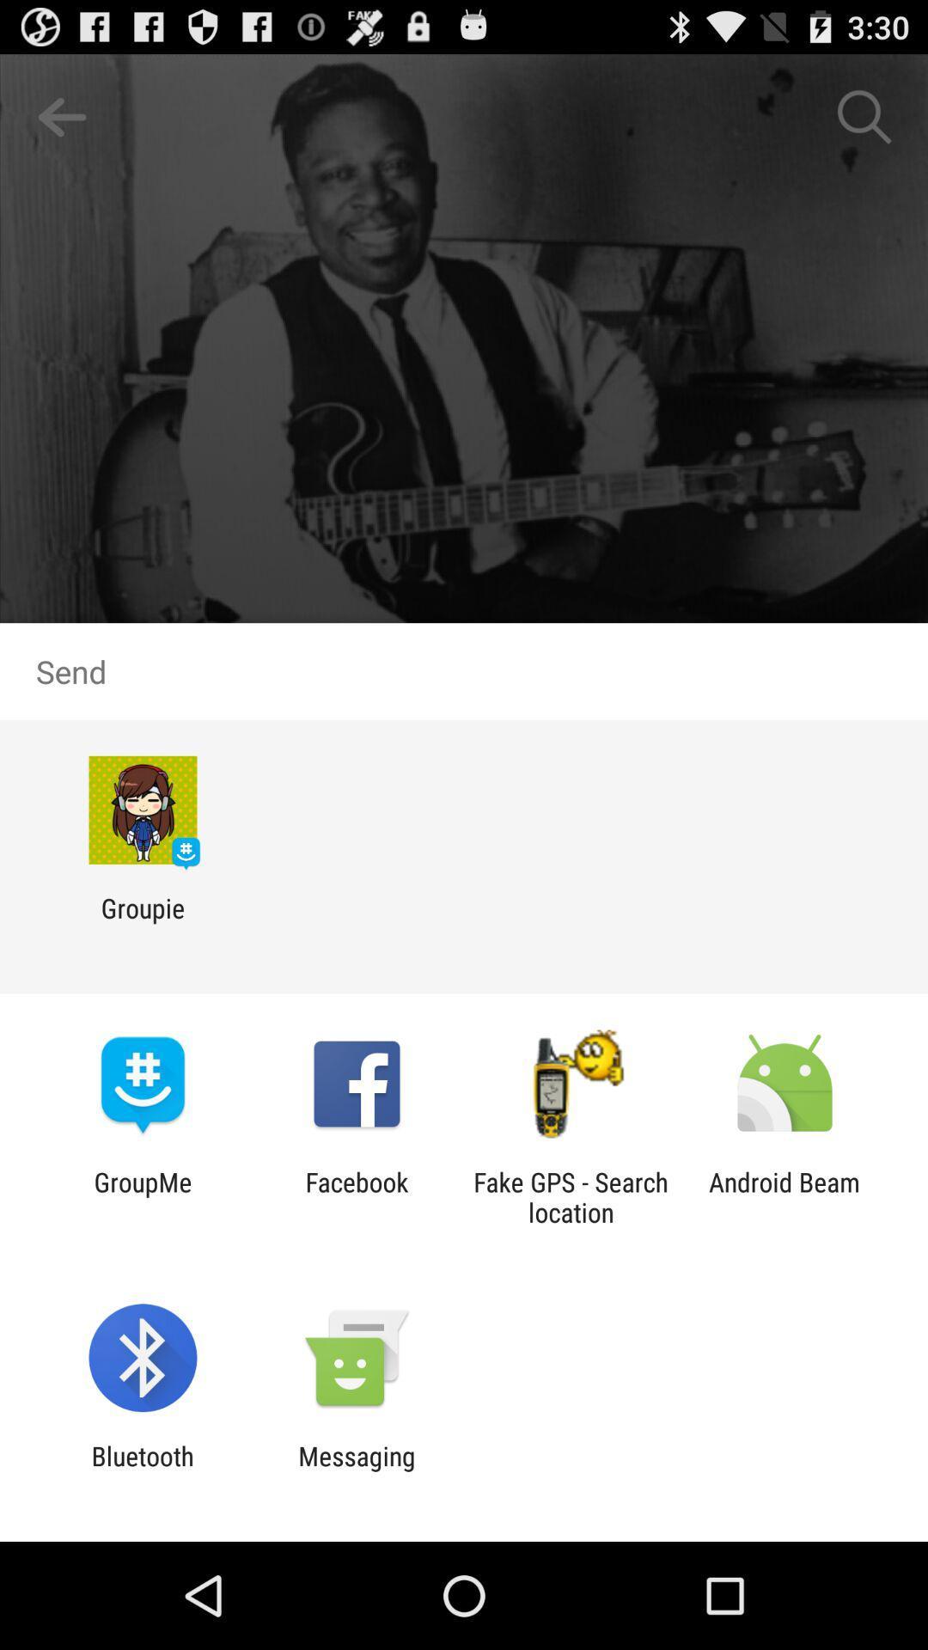 The height and width of the screenshot is (1650, 928). I want to click on the item to the left of fake gps search icon, so click(356, 1196).